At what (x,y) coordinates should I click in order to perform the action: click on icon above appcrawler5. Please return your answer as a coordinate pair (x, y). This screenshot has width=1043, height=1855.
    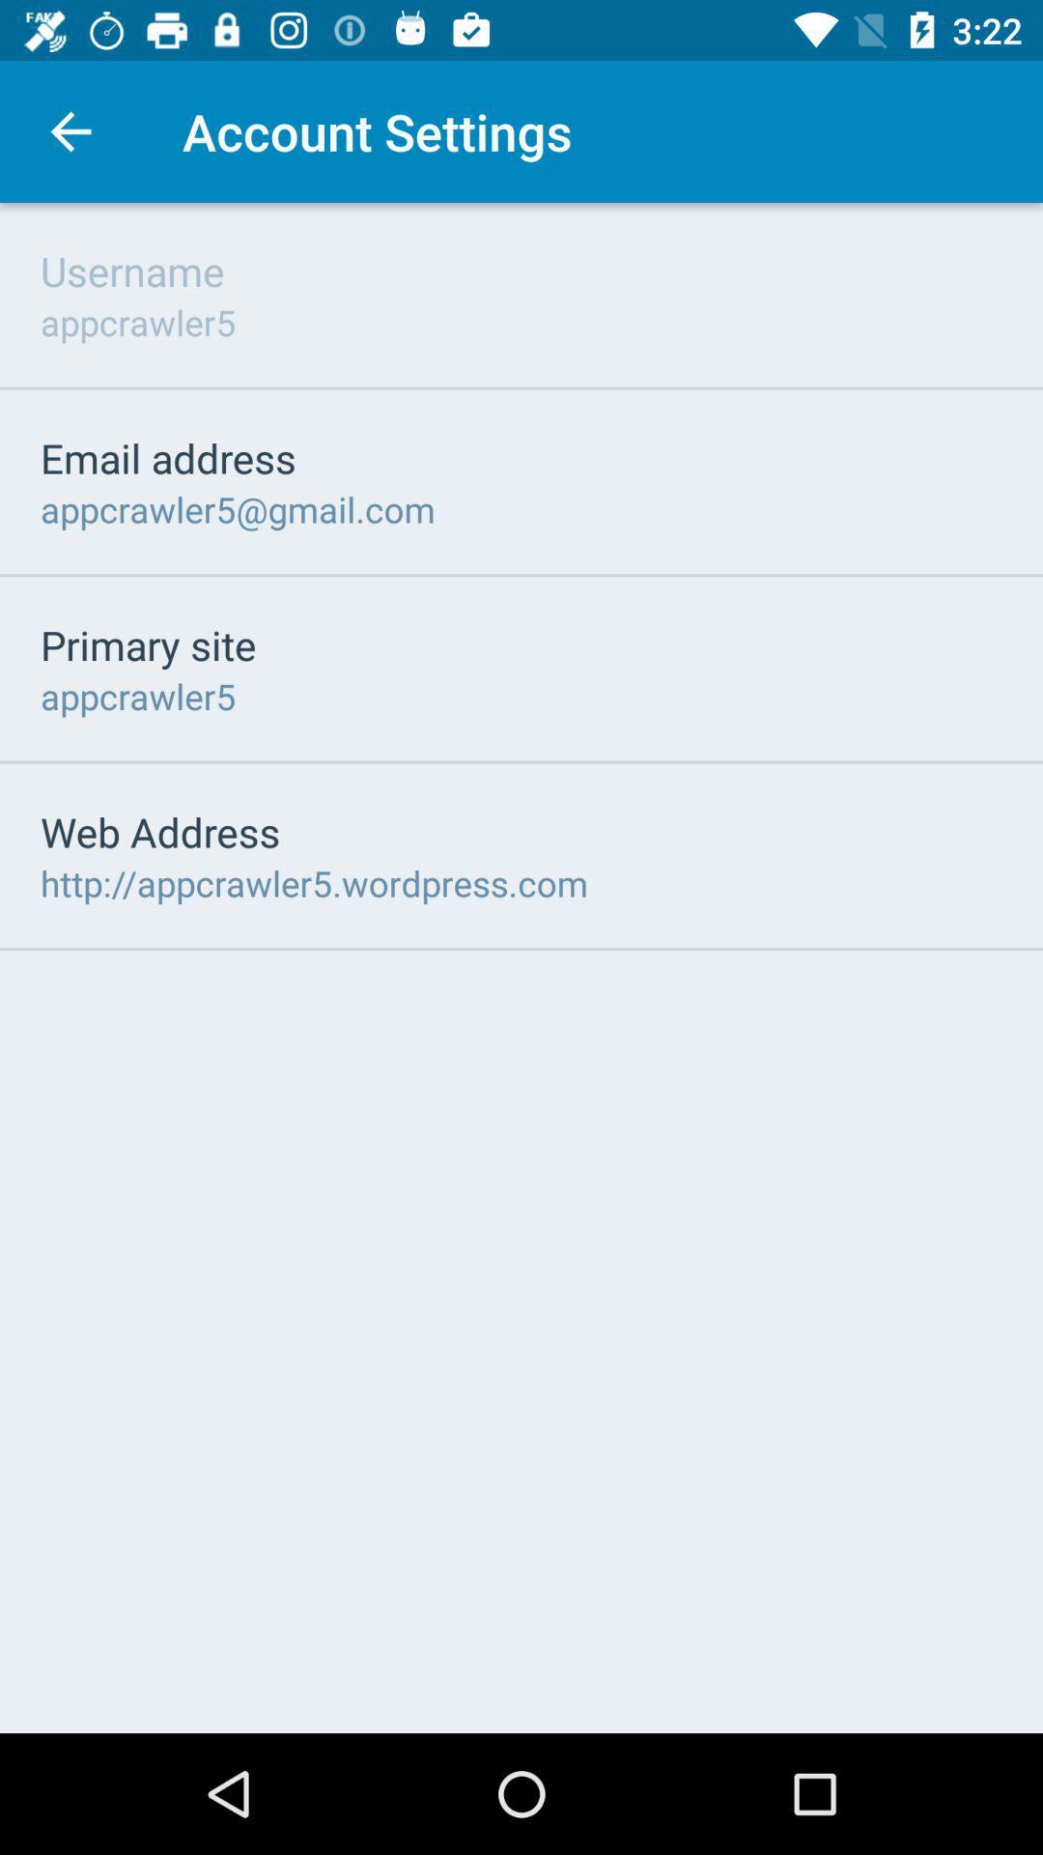
    Looking at the image, I should click on (131, 270).